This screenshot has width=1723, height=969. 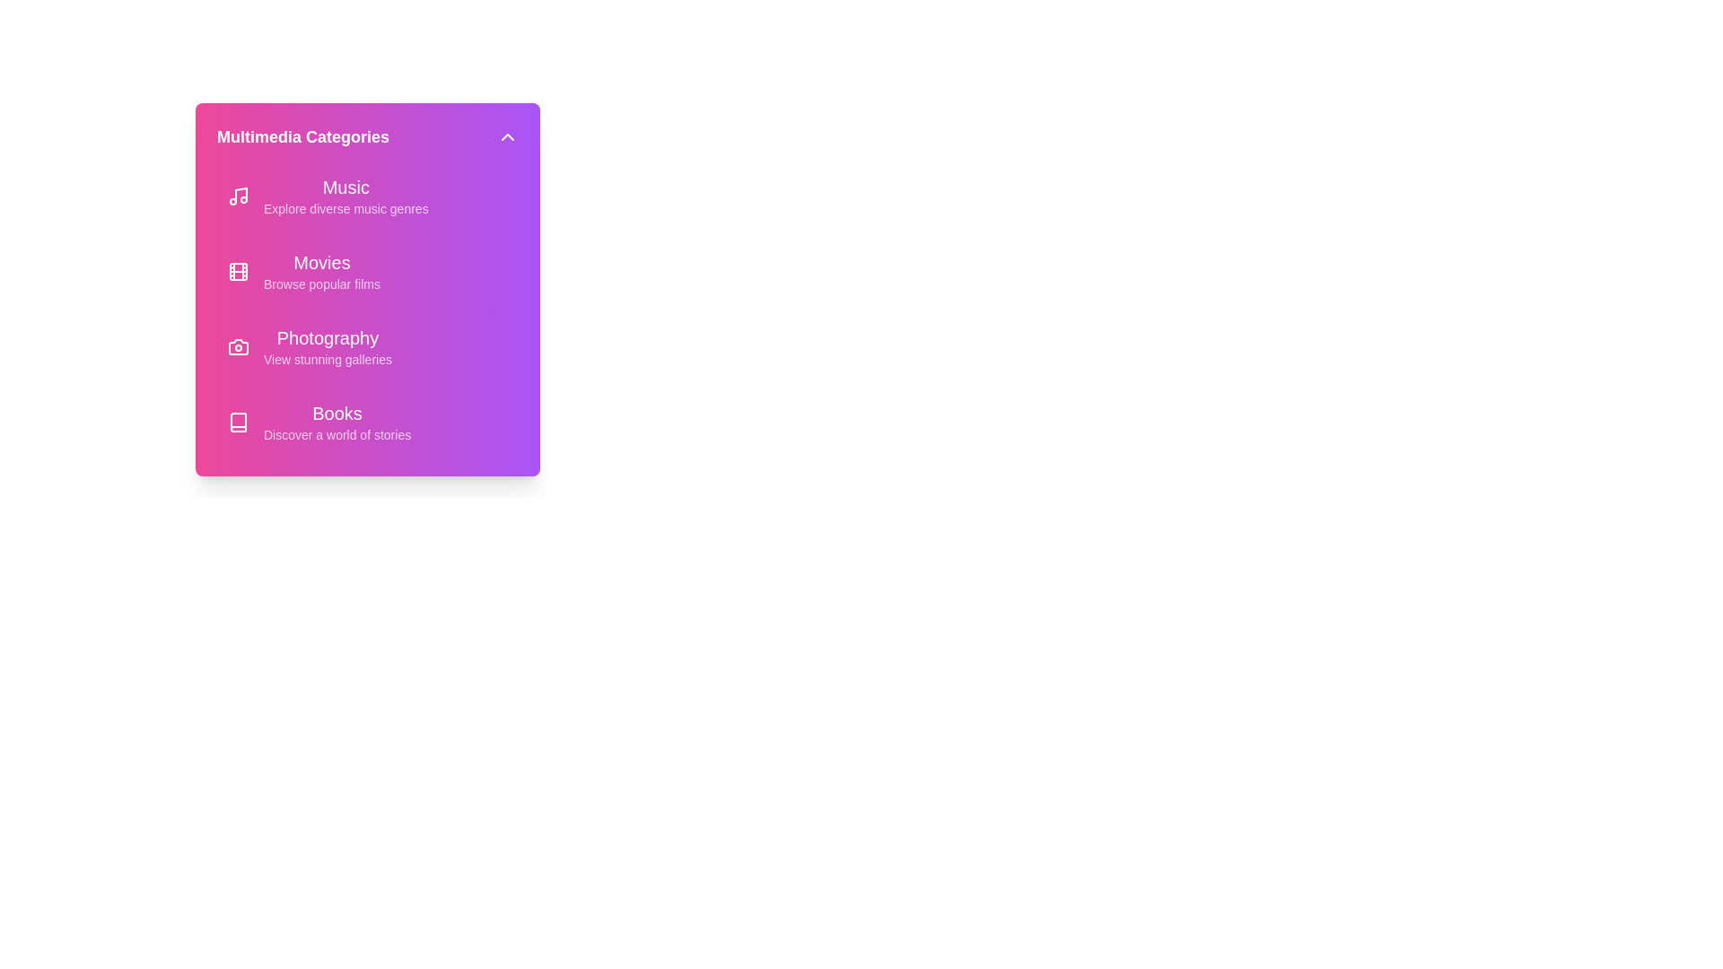 I want to click on the menu item corresponding to Books, so click(x=366, y=422).